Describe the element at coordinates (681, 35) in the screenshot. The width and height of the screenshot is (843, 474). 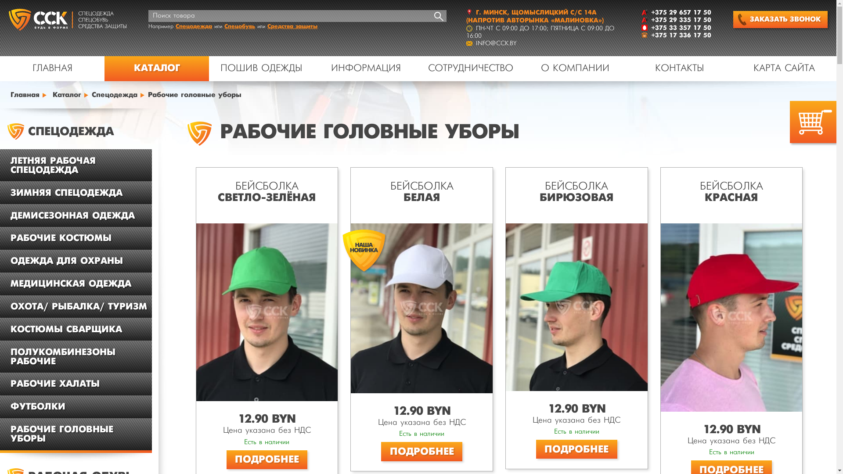
I see `'+375 17 336 17 50'` at that location.